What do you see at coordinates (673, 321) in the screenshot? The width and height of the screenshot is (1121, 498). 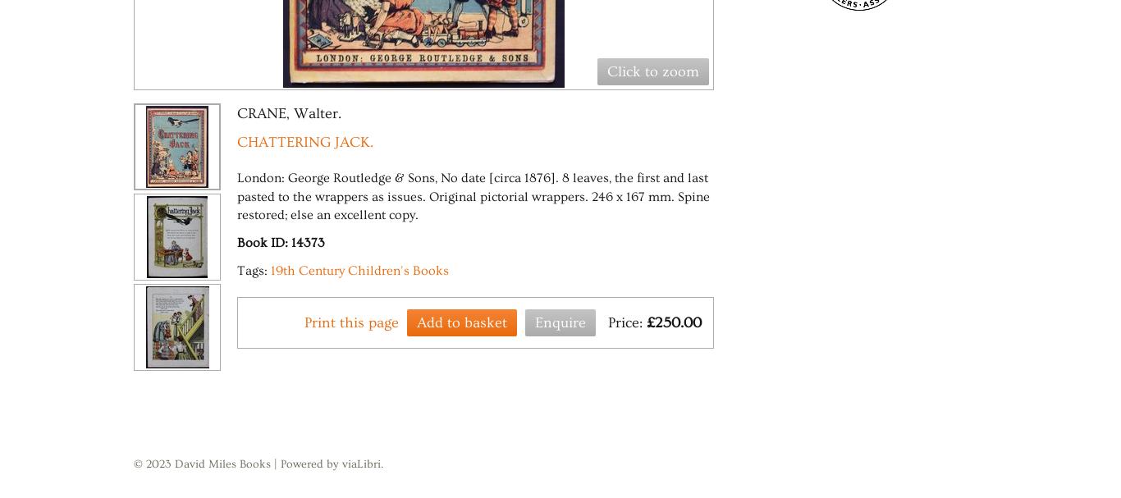 I see `'£250.00'` at bounding box center [673, 321].